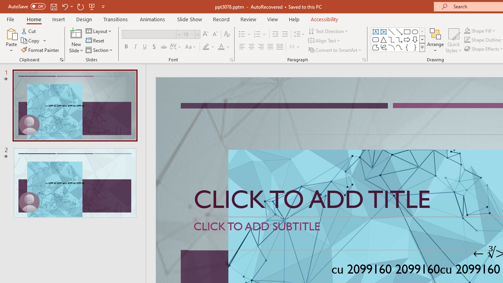  What do you see at coordinates (375, 39) in the screenshot?
I see `'Rectangle: Rounded Corners'` at bounding box center [375, 39].